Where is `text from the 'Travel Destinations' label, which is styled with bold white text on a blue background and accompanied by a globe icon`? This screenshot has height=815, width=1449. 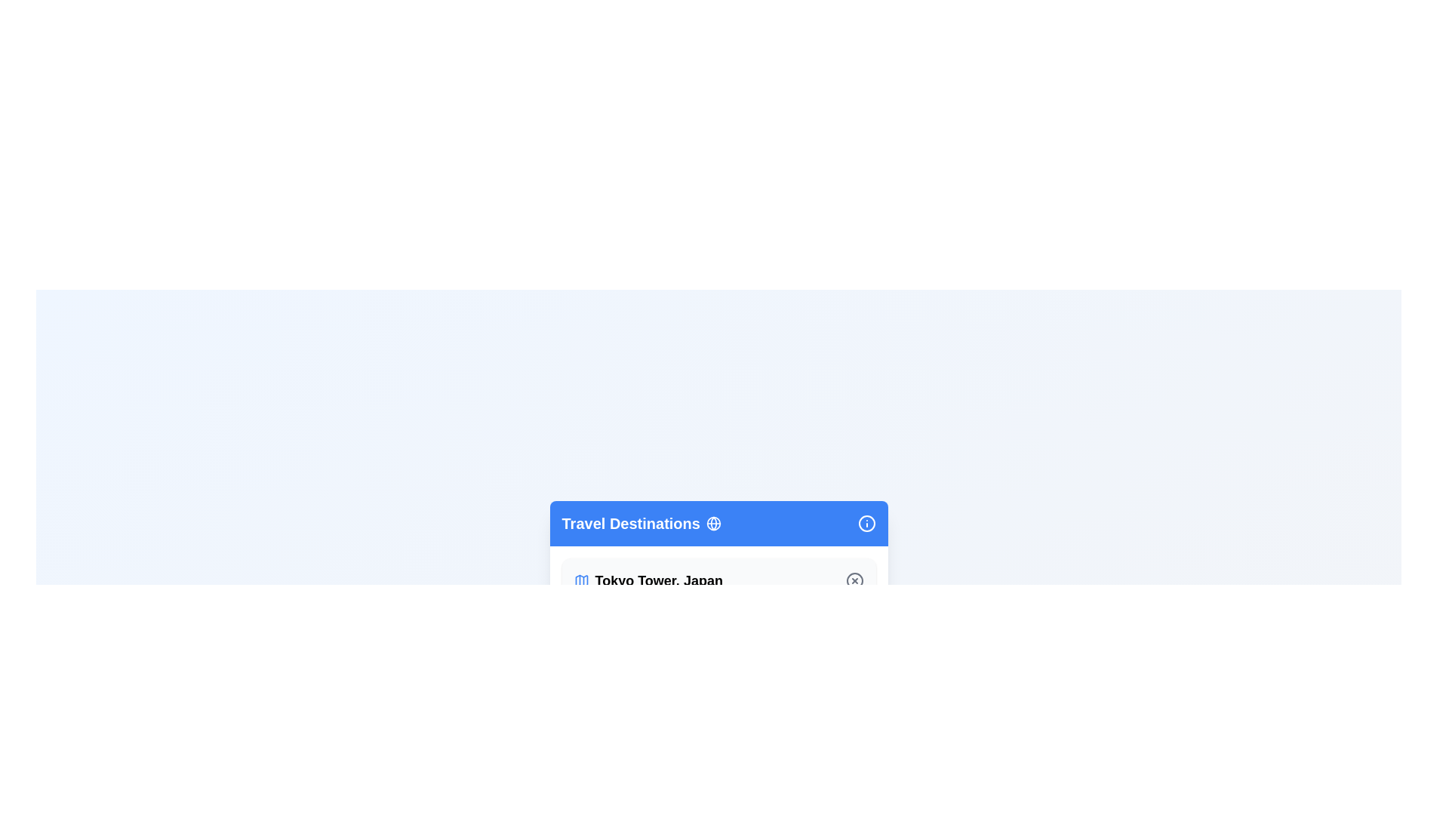 text from the 'Travel Destinations' label, which is styled with bold white text on a blue background and accompanied by a globe icon is located at coordinates (641, 523).